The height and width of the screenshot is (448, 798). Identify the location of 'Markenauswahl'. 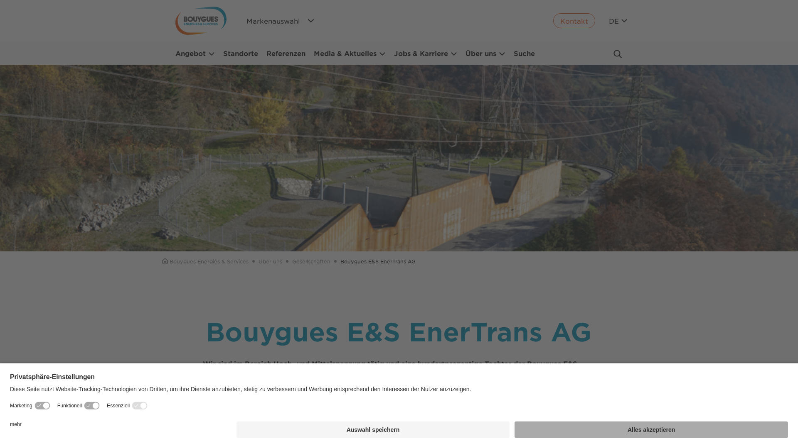
(281, 20).